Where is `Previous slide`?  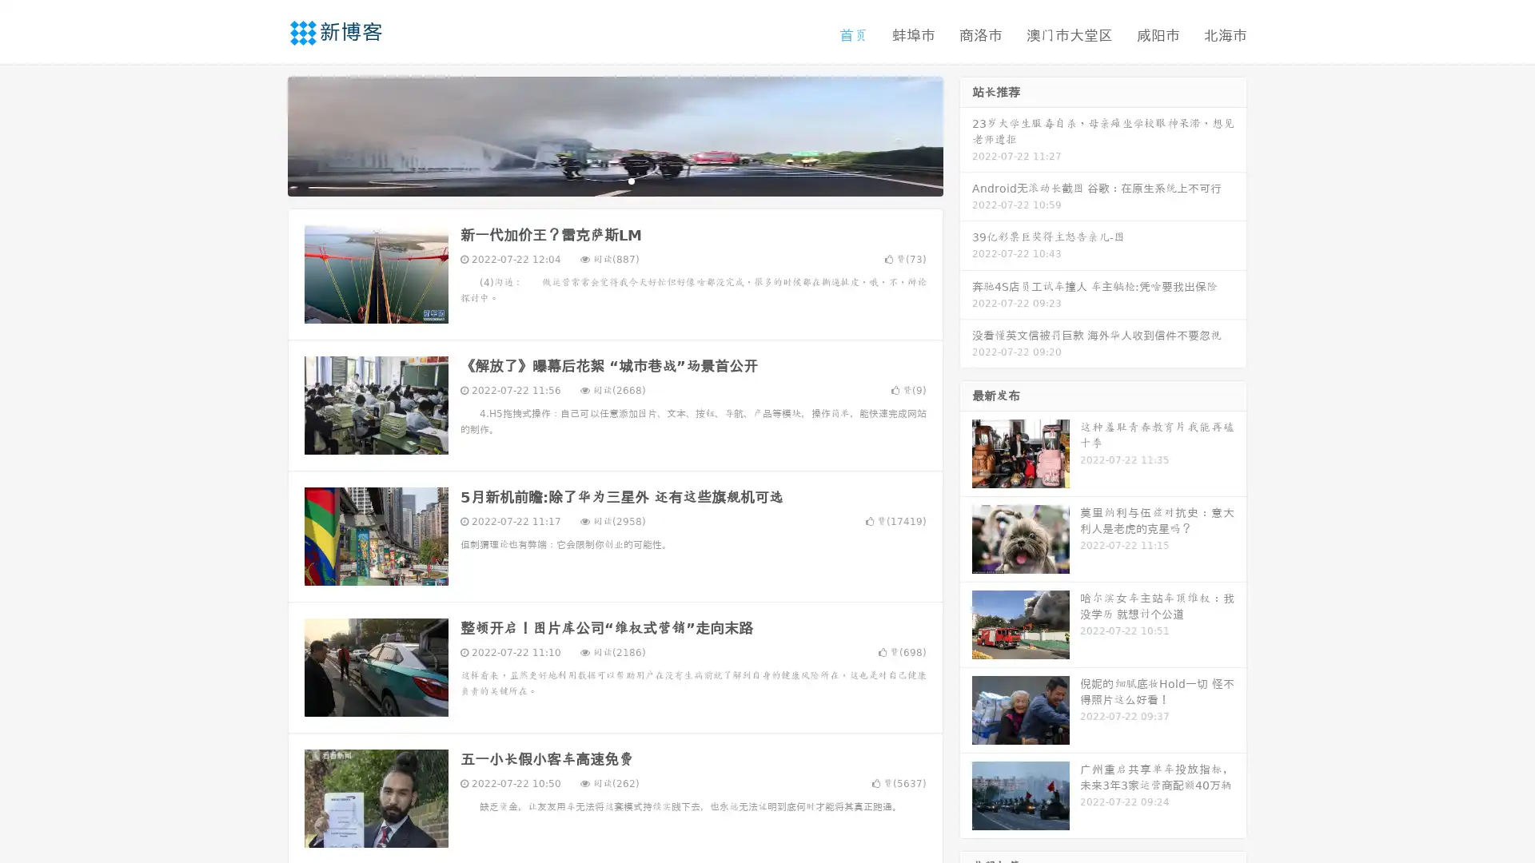 Previous slide is located at coordinates (264, 134).